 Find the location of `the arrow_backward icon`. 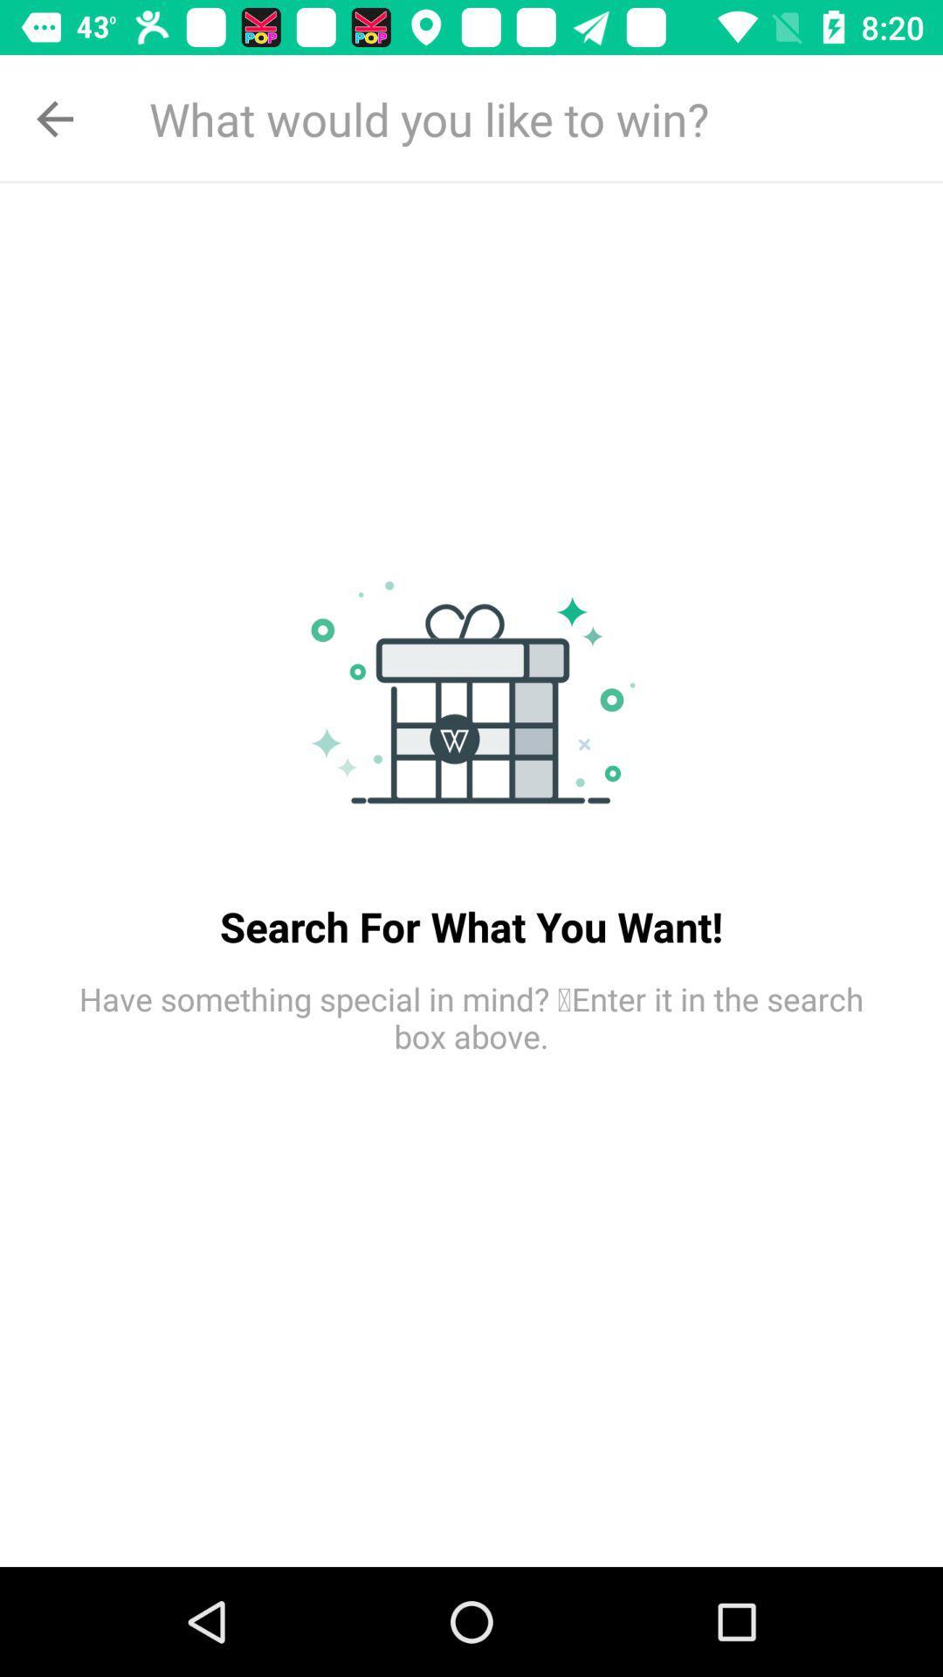

the arrow_backward icon is located at coordinates (53, 118).